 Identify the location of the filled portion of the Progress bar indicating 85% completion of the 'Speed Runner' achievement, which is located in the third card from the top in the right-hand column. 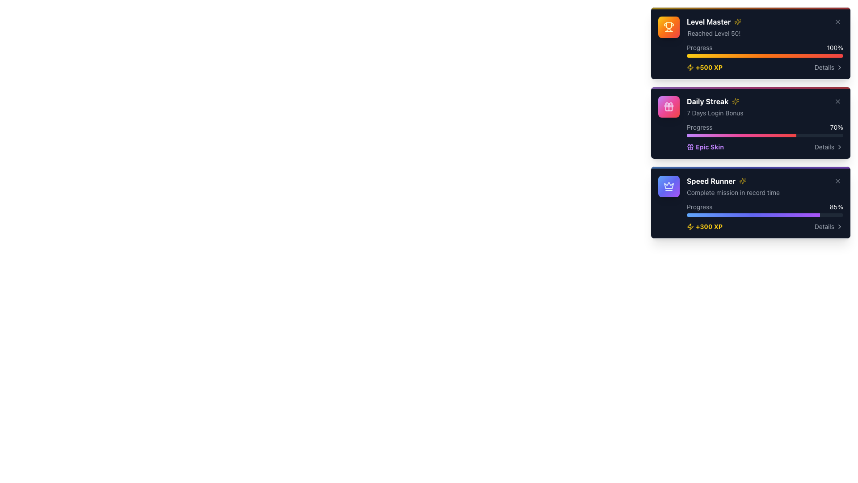
(753, 215).